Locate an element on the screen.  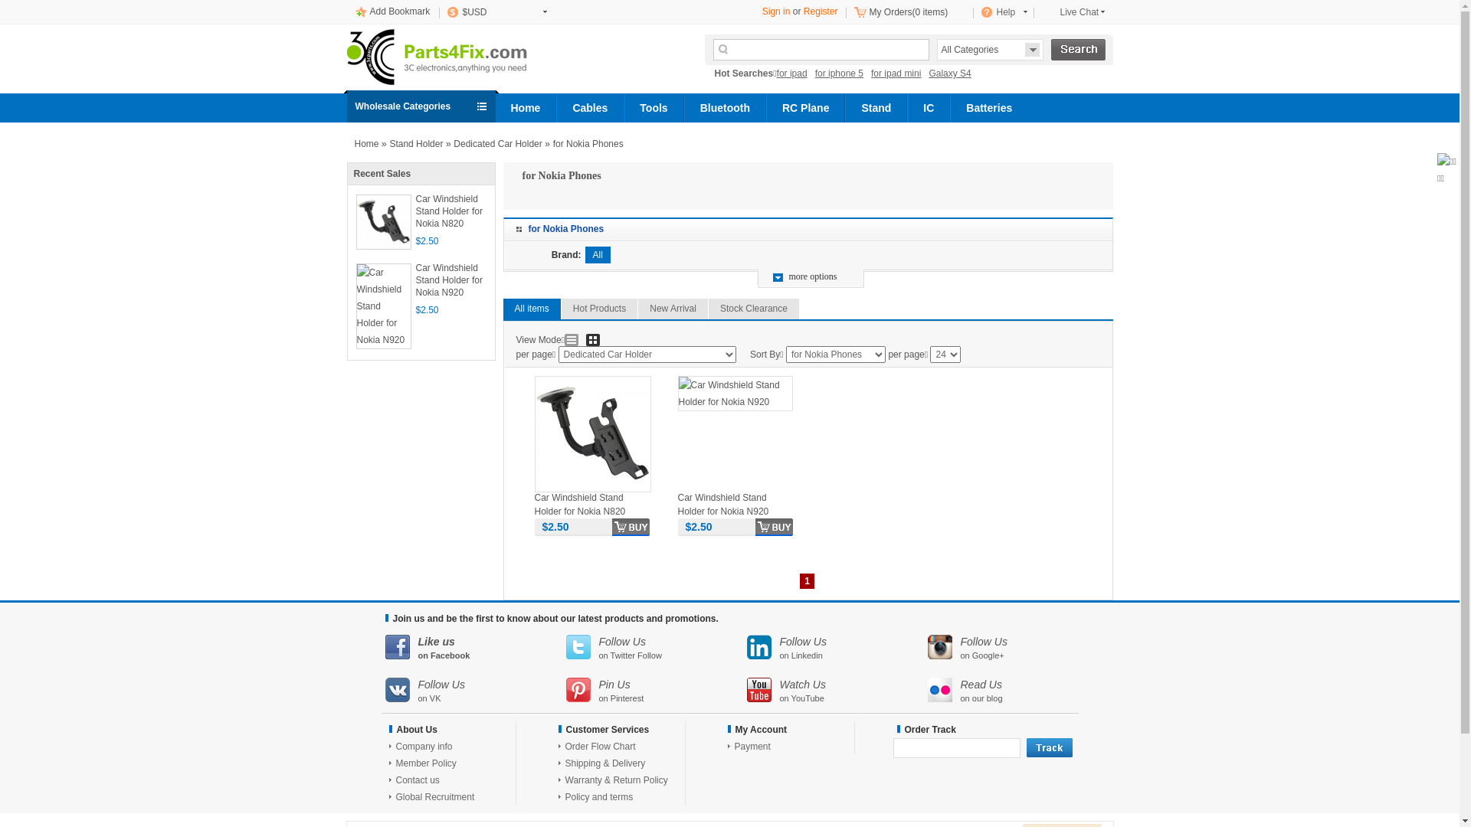
'Galaxy S4' is located at coordinates (927, 74).